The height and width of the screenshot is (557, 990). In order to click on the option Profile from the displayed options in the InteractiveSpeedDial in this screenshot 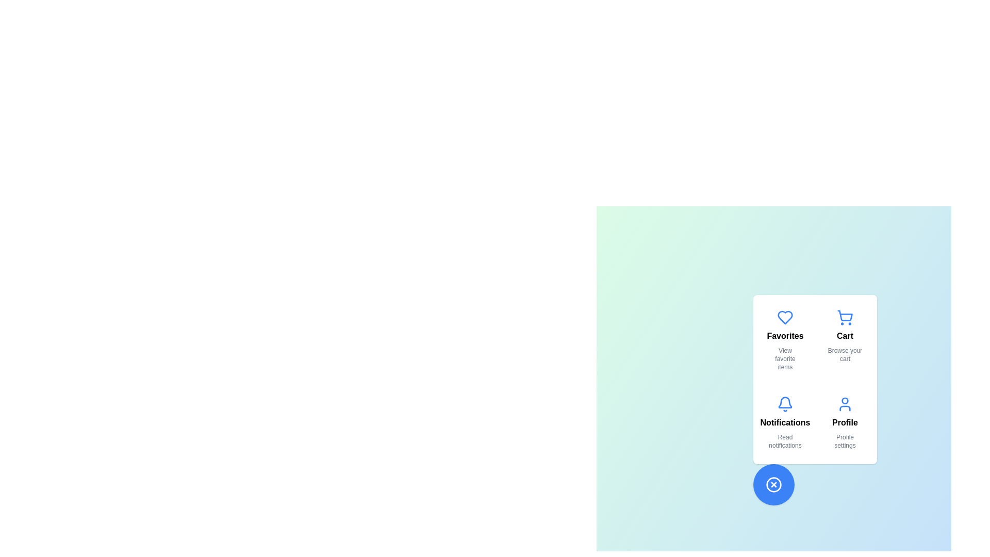, I will do `click(845, 423)`.